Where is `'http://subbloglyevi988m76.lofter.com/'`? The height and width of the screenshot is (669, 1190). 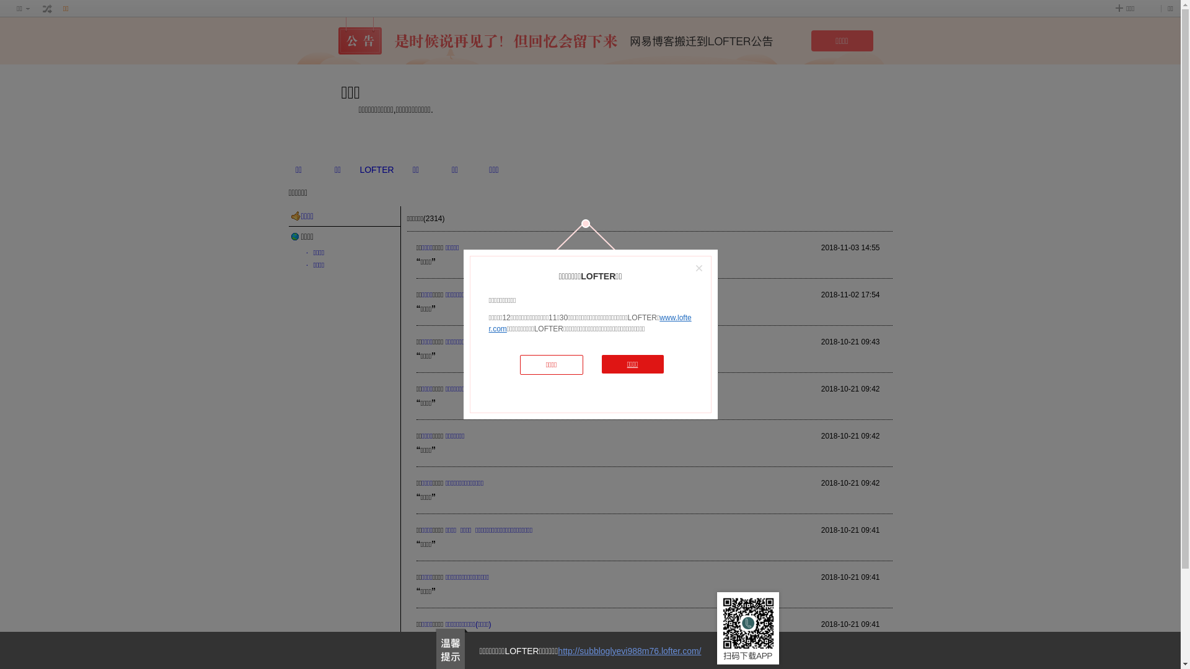
'http://subbloglyevi988m76.lofter.com/' is located at coordinates (629, 650).